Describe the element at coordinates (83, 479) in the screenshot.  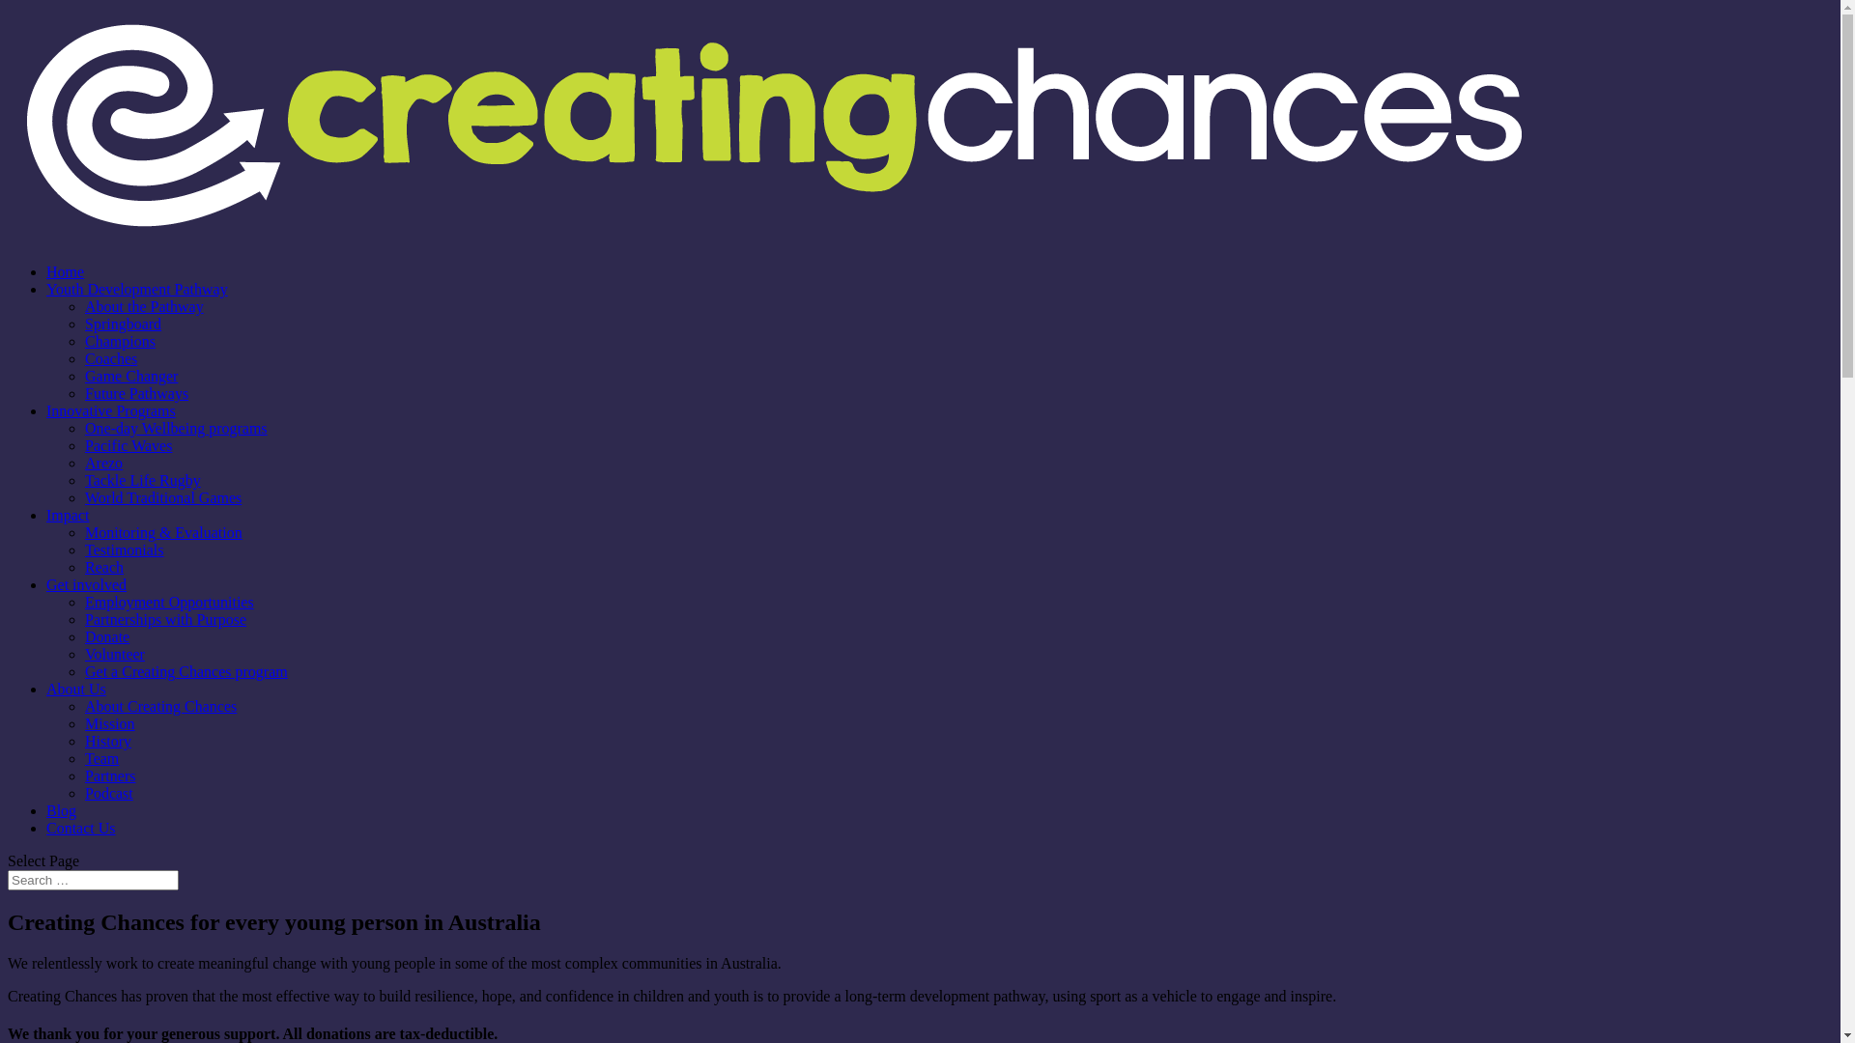
I see `'Tackle Life Rugby'` at that location.